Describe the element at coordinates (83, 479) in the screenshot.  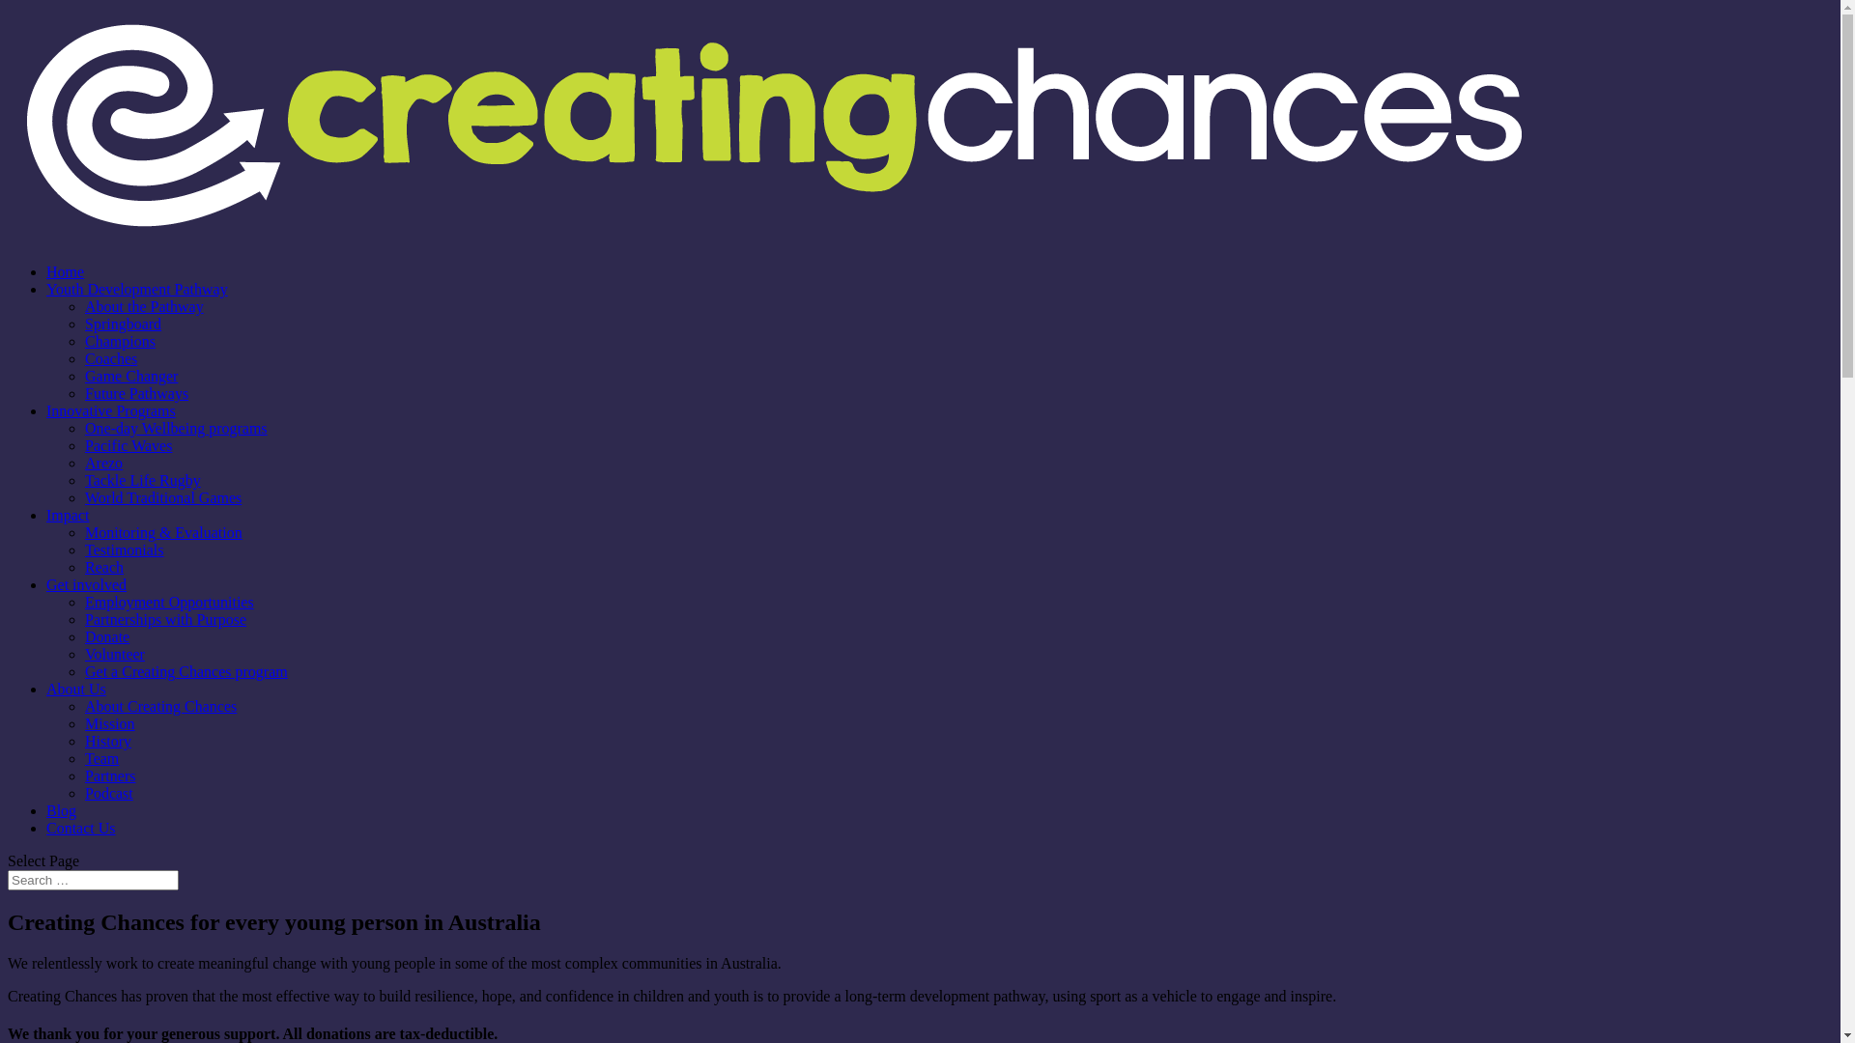
I see `'Tackle Life Rugby'` at that location.